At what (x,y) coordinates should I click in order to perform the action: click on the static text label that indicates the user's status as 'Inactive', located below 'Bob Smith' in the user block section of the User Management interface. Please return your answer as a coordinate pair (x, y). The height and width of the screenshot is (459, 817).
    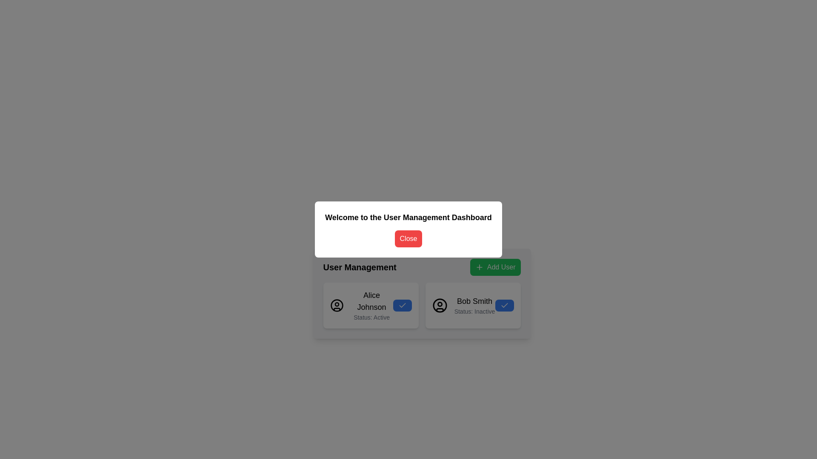
    Looking at the image, I should click on (474, 311).